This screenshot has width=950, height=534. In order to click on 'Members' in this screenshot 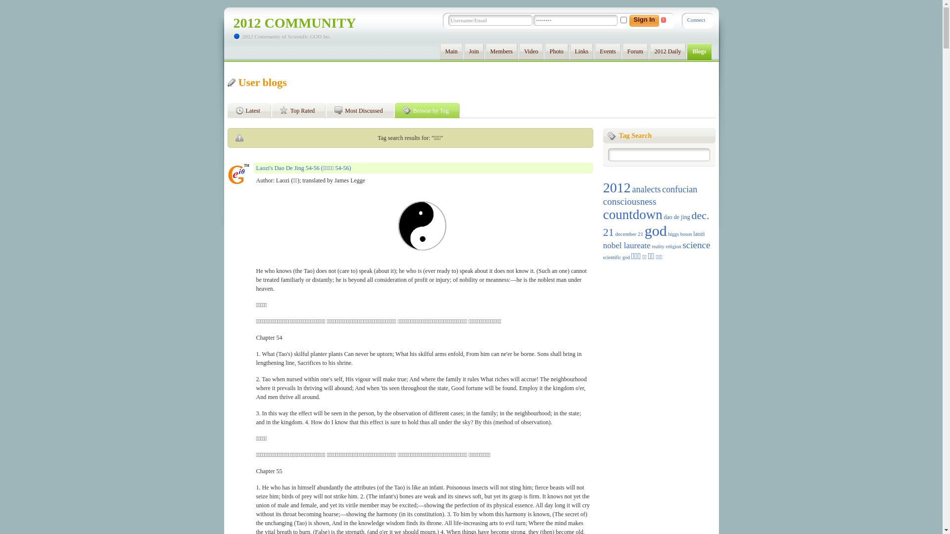, I will do `click(501, 51)`.